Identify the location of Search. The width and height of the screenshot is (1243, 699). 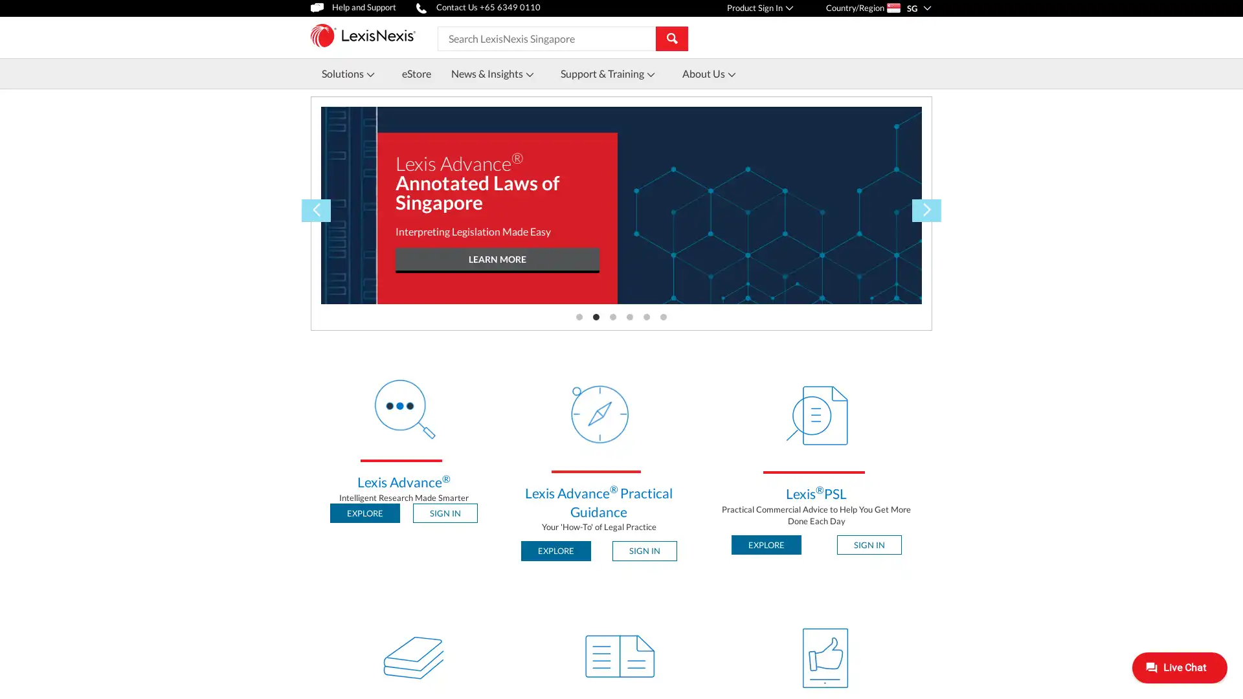
(671, 37).